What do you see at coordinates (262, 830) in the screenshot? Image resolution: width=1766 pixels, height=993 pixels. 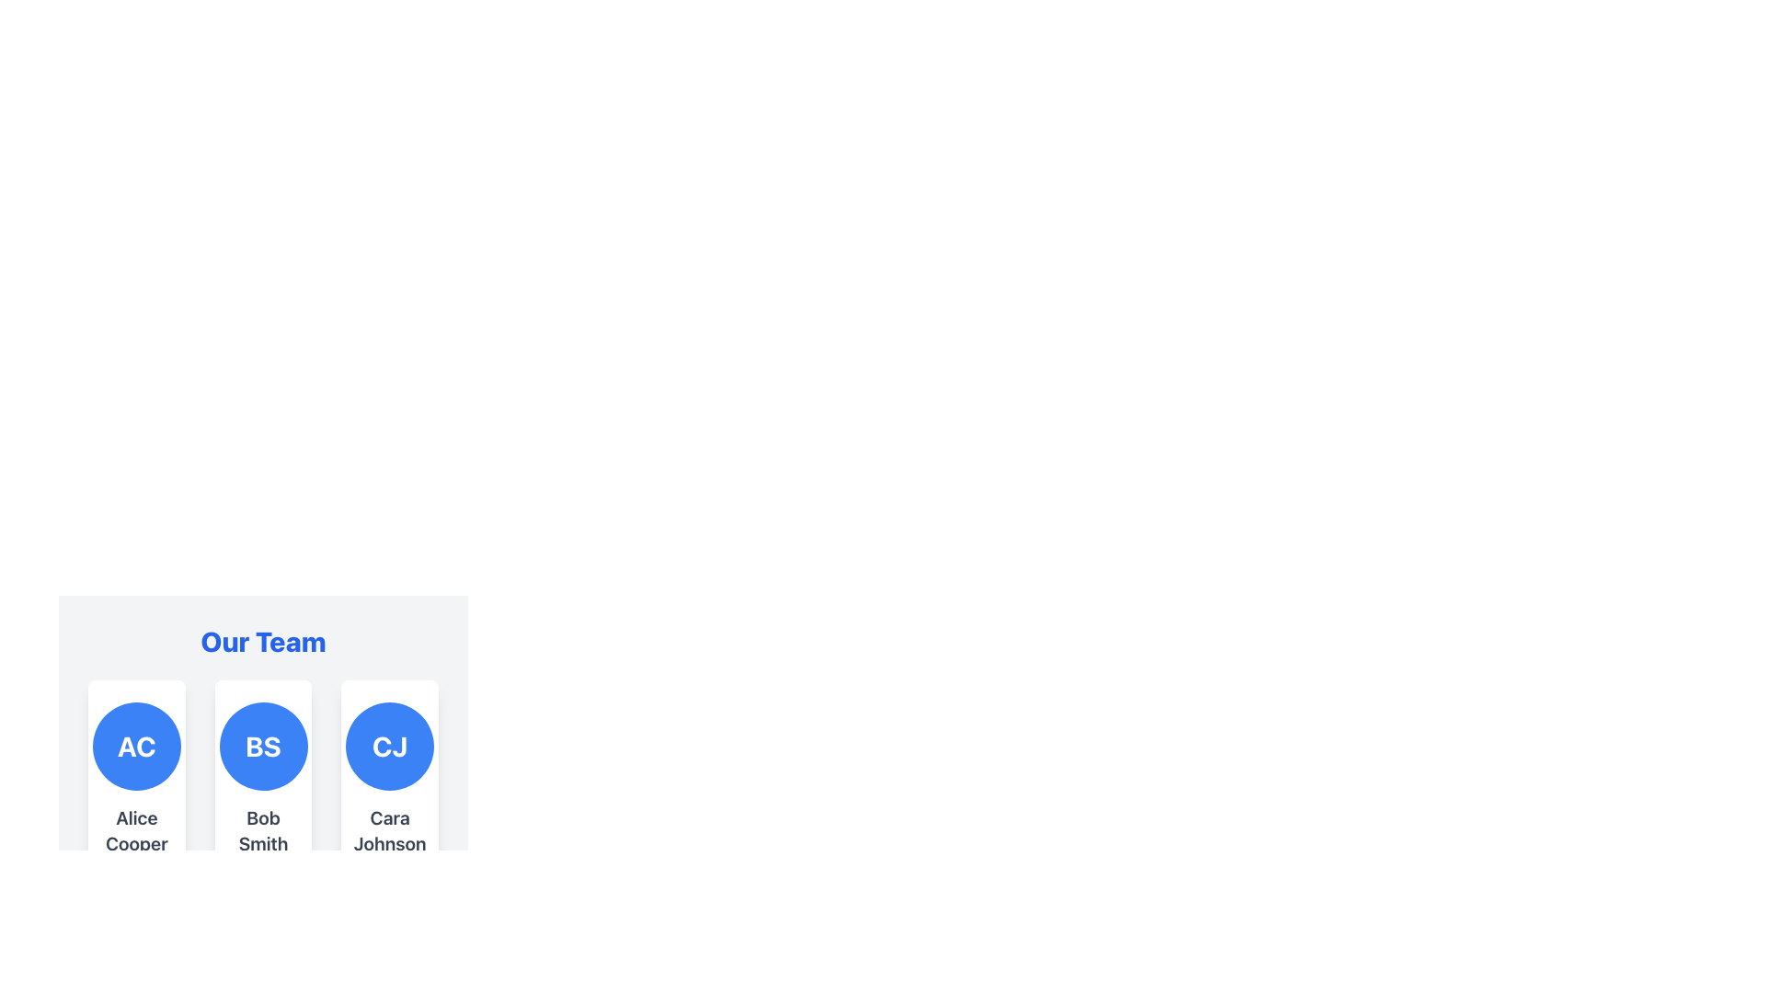 I see `text content of the text label displaying 'Bob Smith', which is bold and gray, located directly below the blue circular avatar labeled 'BS'` at bounding box center [262, 830].